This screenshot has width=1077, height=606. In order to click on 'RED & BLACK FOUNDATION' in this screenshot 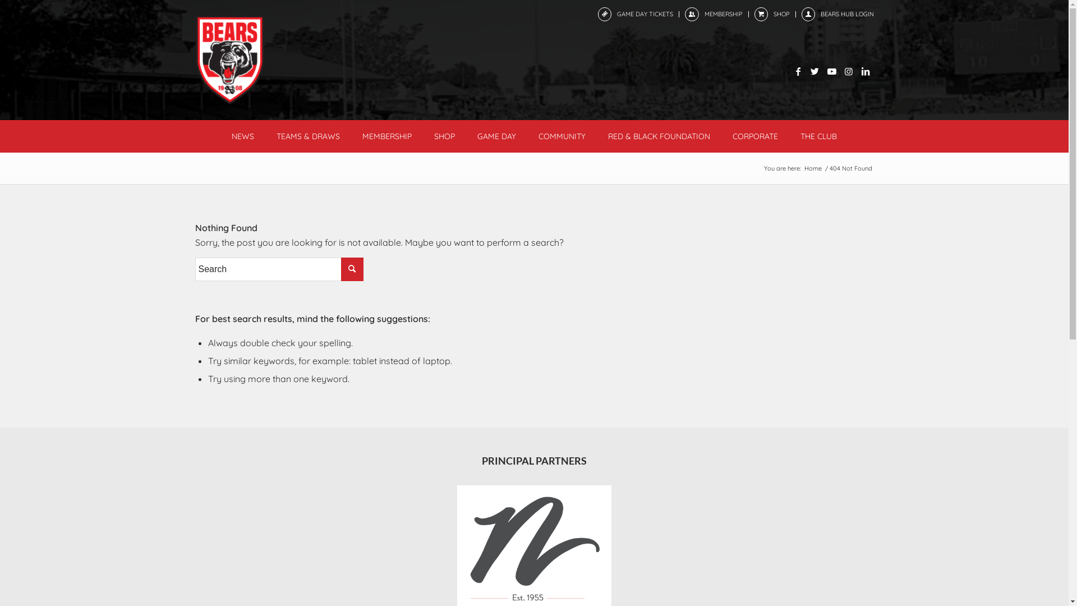, I will do `click(659, 136)`.